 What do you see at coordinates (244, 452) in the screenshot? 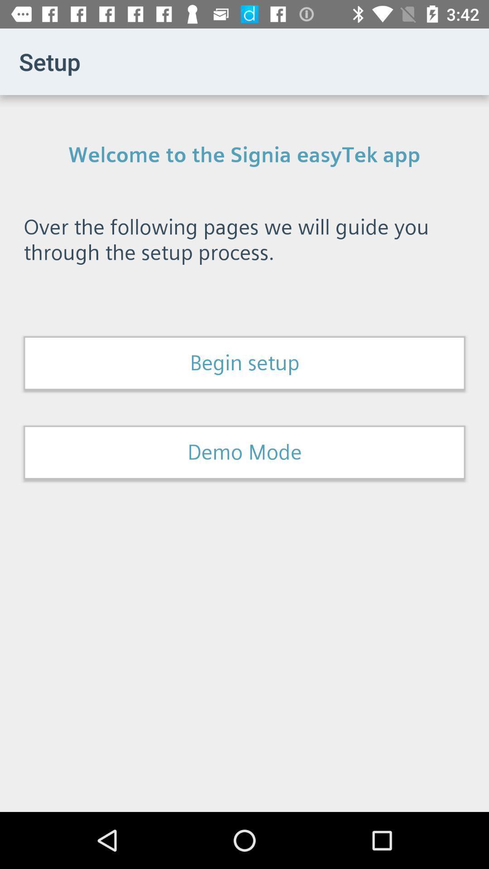
I see `the item below the begin setup icon` at bounding box center [244, 452].